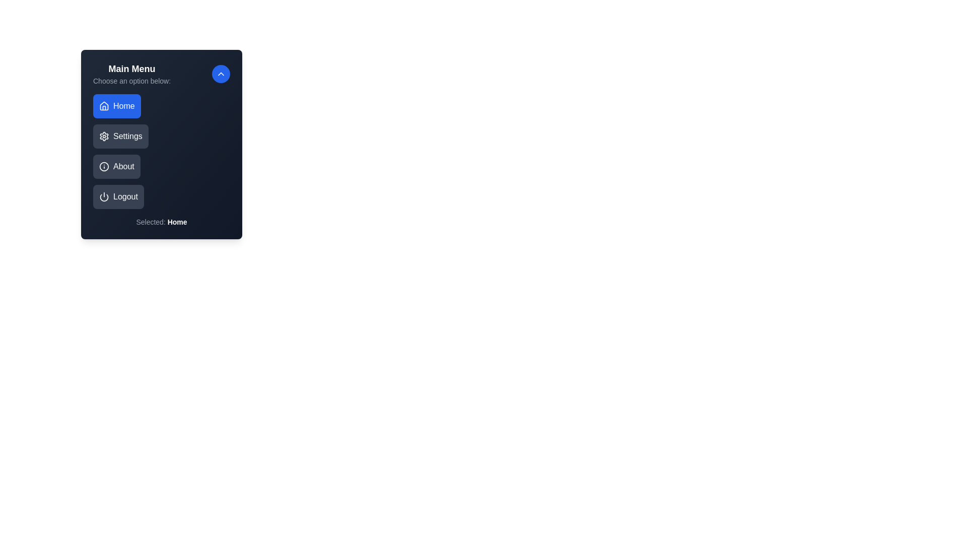 The image size is (967, 544). What do you see at coordinates (116, 166) in the screenshot?
I see `the 'About' button, which is a rectangular button with white text and an information icon, located in the vertical menu below 'Settings' and above 'Logout'` at bounding box center [116, 166].